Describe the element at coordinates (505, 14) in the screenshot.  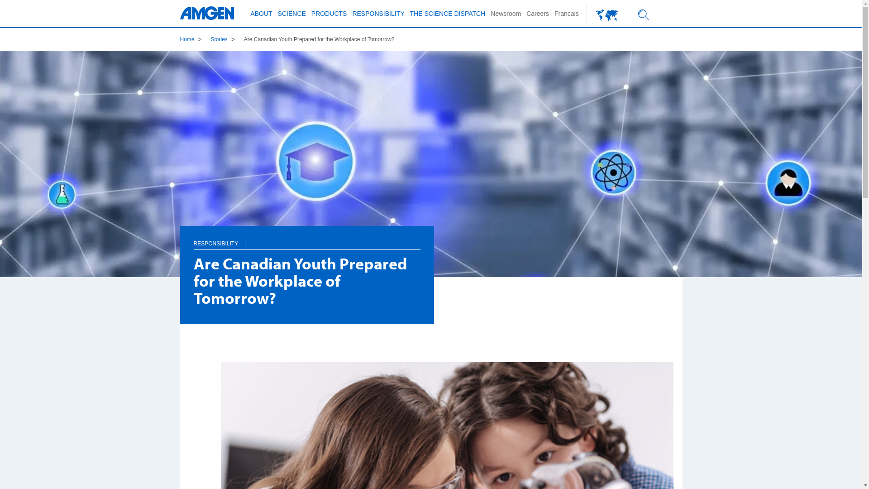
I see `'Newsroom'` at that location.